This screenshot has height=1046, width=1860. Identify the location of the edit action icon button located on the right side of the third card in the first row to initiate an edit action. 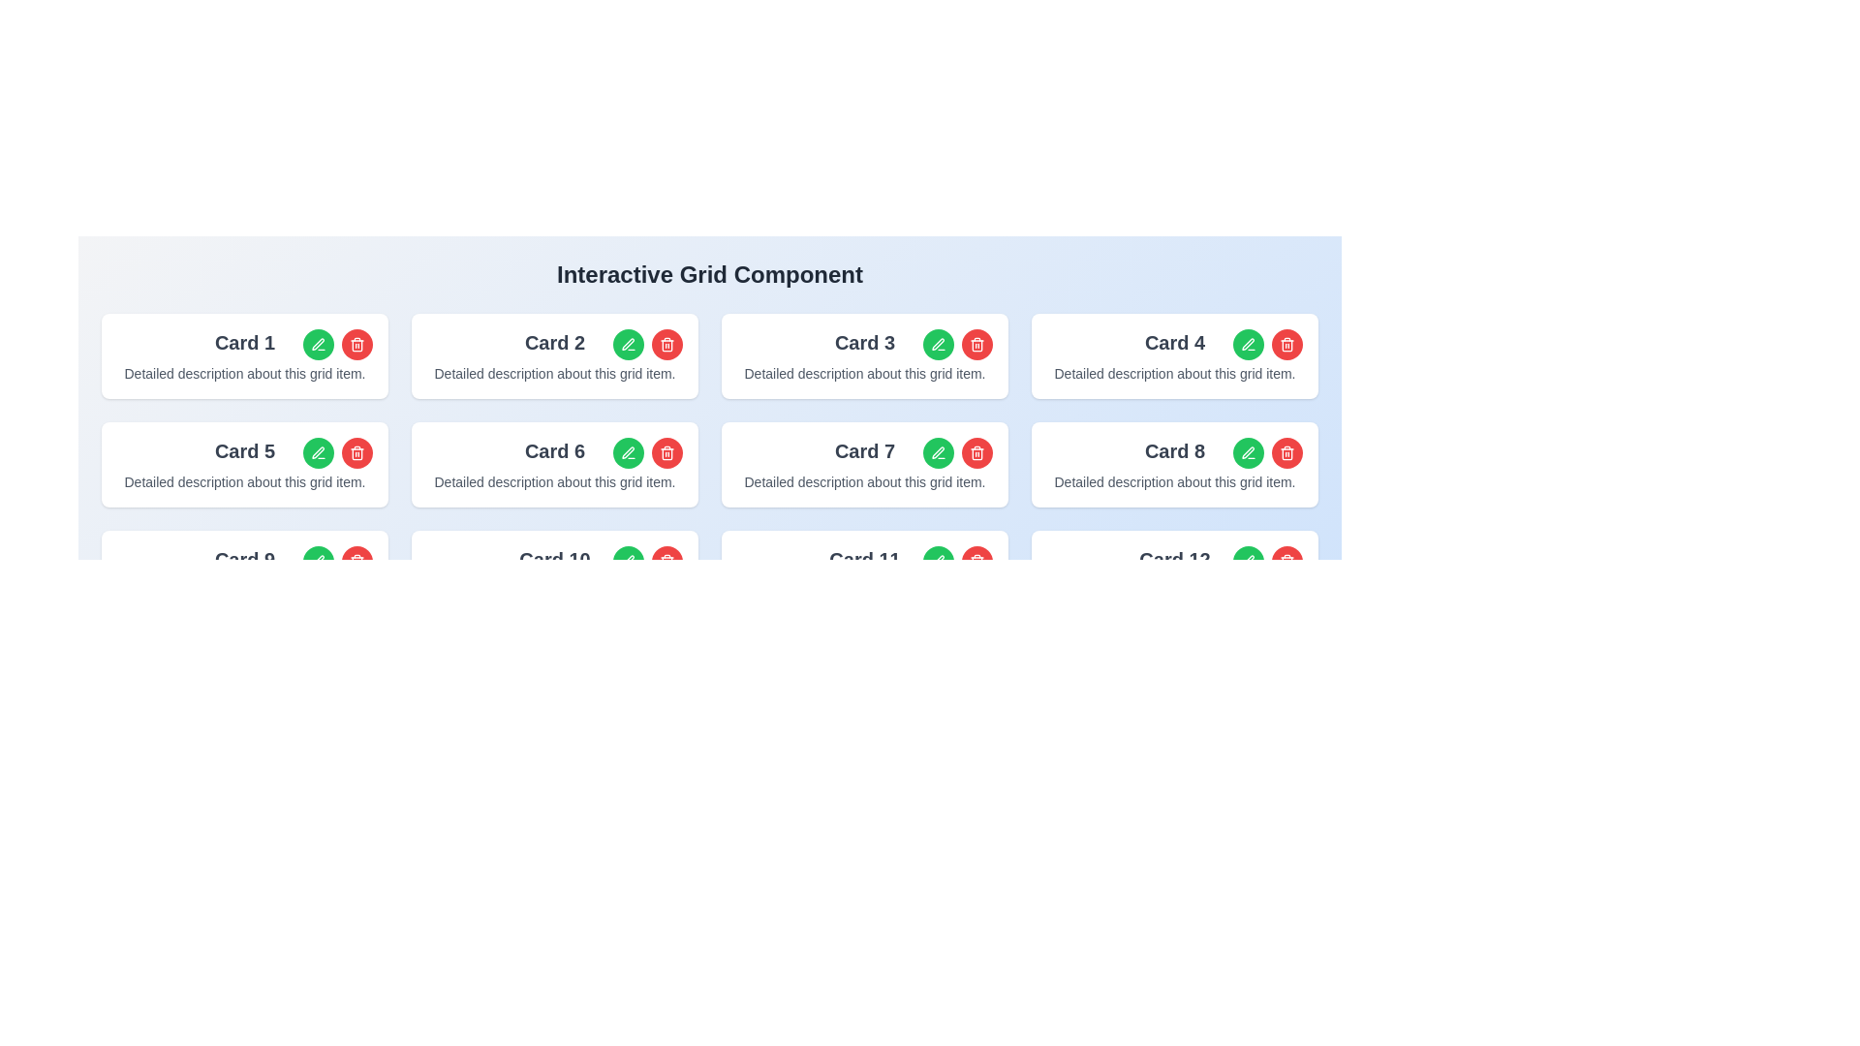
(938, 343).